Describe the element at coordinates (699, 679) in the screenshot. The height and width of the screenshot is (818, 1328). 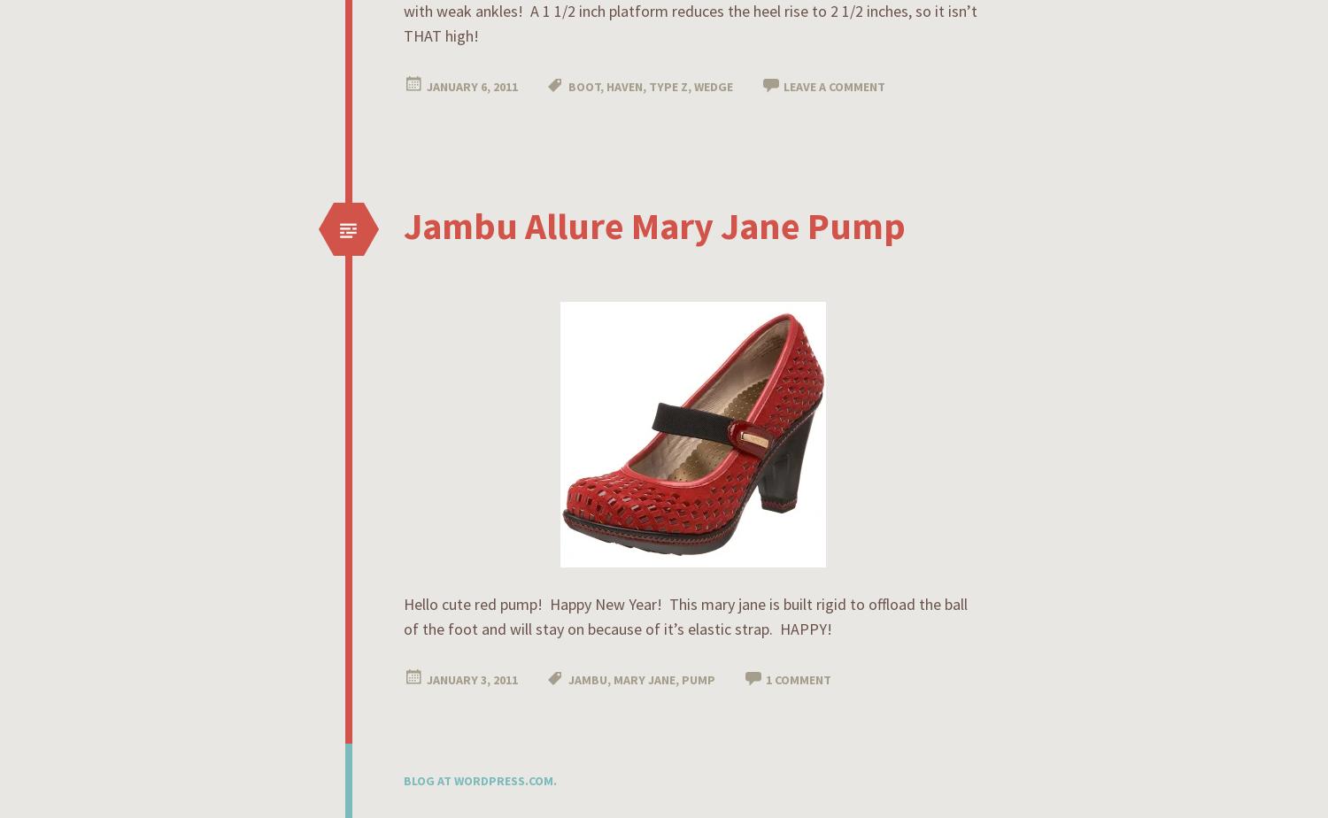
I see `'pump'` at that location.